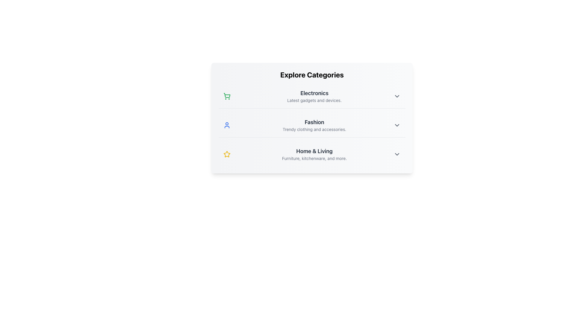  What do you see at coordinates (397, 125) in the screenshot?
I see `the downwards-facing chevron icon located to the right of the text 'Fashion' in the 'Explore Categories' section` at bounding box center [397, 125].